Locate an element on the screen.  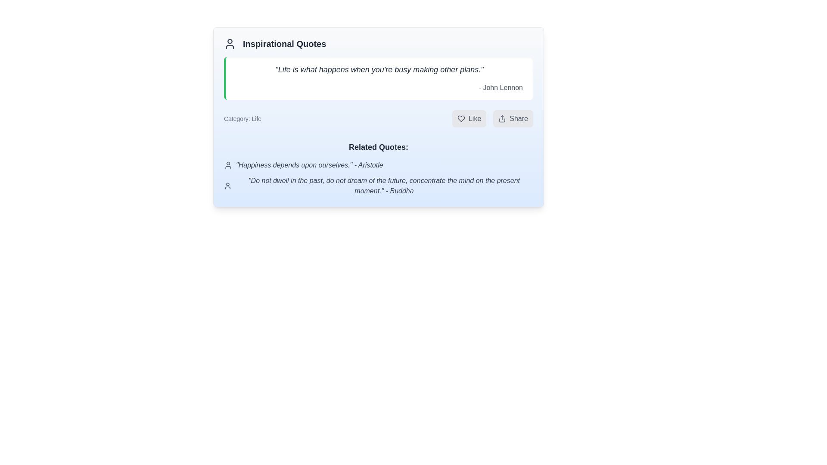
the sharing icon located to the right of the 'Like' button and to the left of the 'Share' text label is located at coordinates (502, 119).